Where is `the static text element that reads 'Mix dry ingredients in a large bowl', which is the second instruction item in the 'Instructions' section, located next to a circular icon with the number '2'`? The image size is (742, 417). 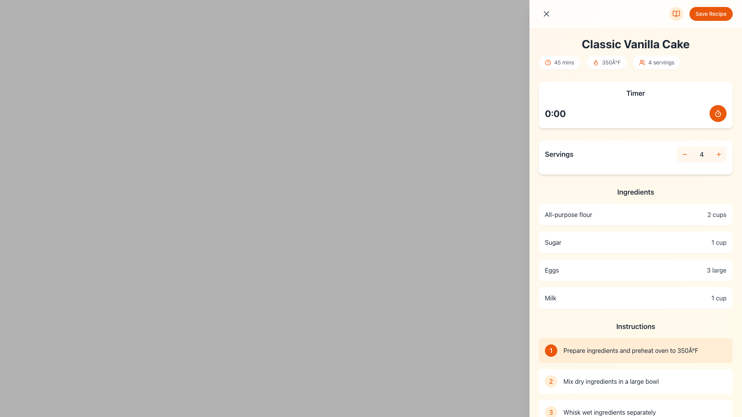
the static text element that reads 'Mix dry ingredients in a large bowl', which is the second instruction item in the 'Instructions' section, located next to a circular icon with the number '2' is located at coordinates (645, 381).